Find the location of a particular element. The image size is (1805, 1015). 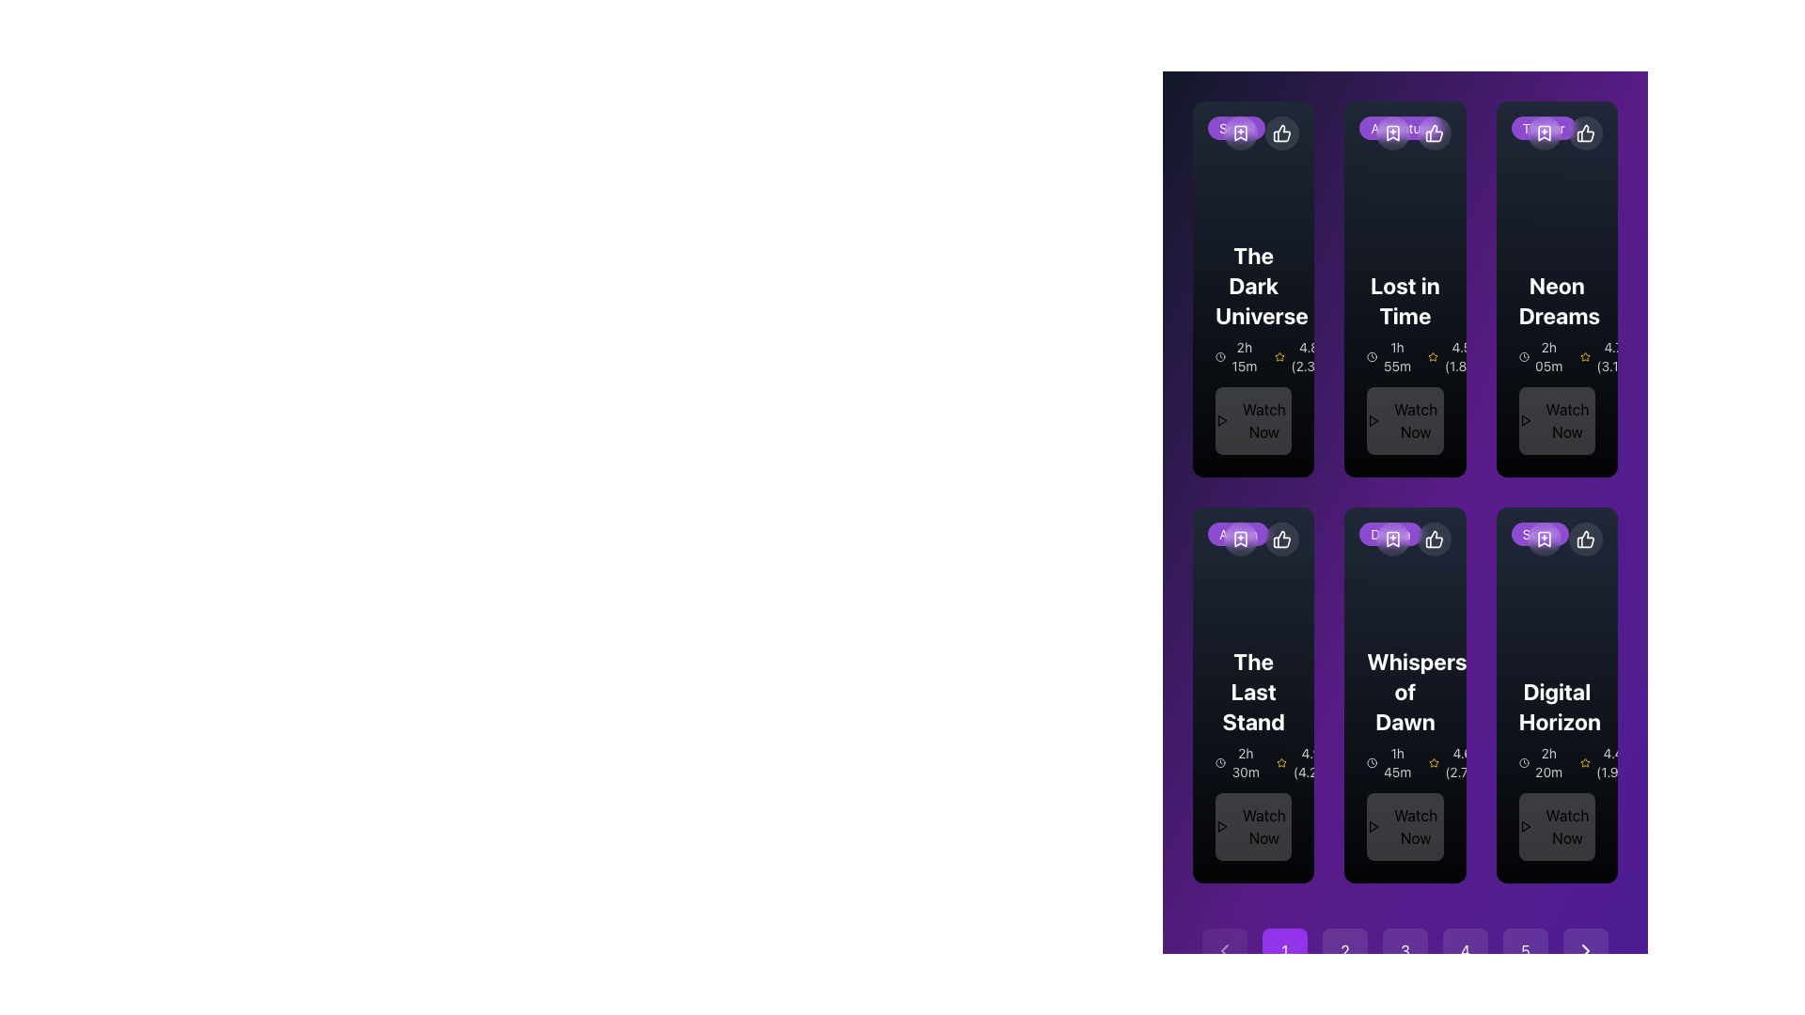

time display '1h 45m' shown with the clock icon in the 'Whispers of Dawn' movie card is located at coordinates (1389, 763).